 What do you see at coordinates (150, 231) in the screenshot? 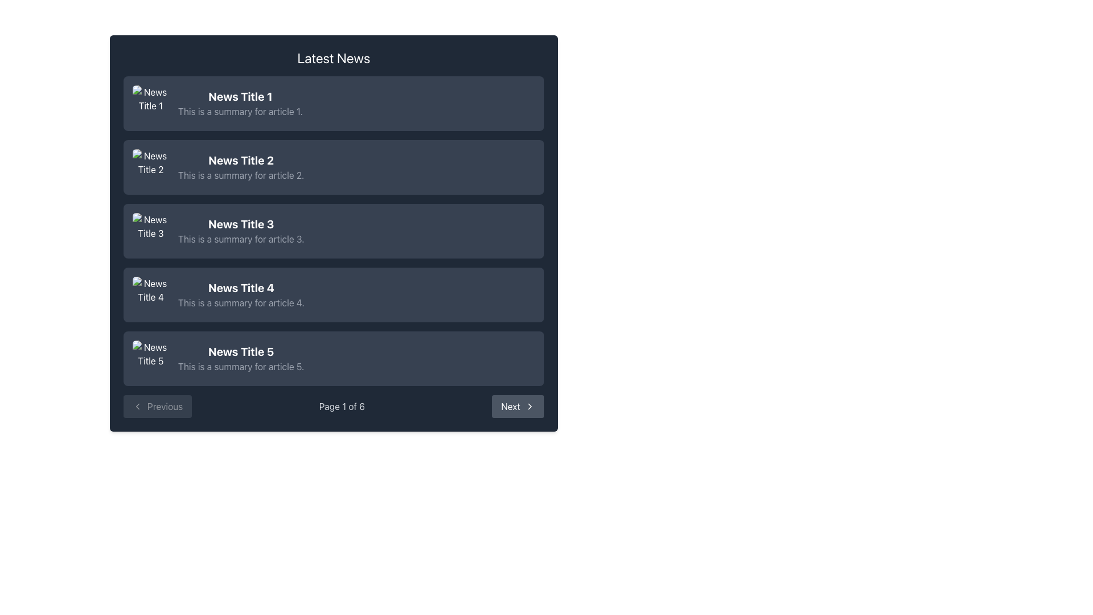
I see `the image representing the third news article` at bounding box center [150, 231].